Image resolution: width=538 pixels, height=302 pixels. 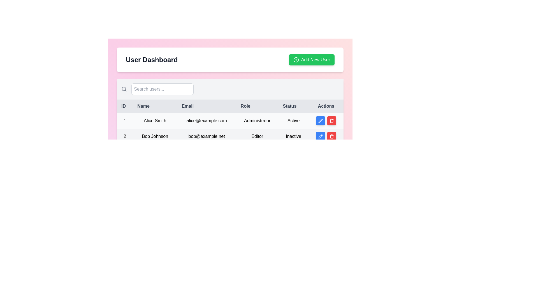 I want to click on the delete button associated with the data row for Bob Johnson, so click(x=331, y=121).